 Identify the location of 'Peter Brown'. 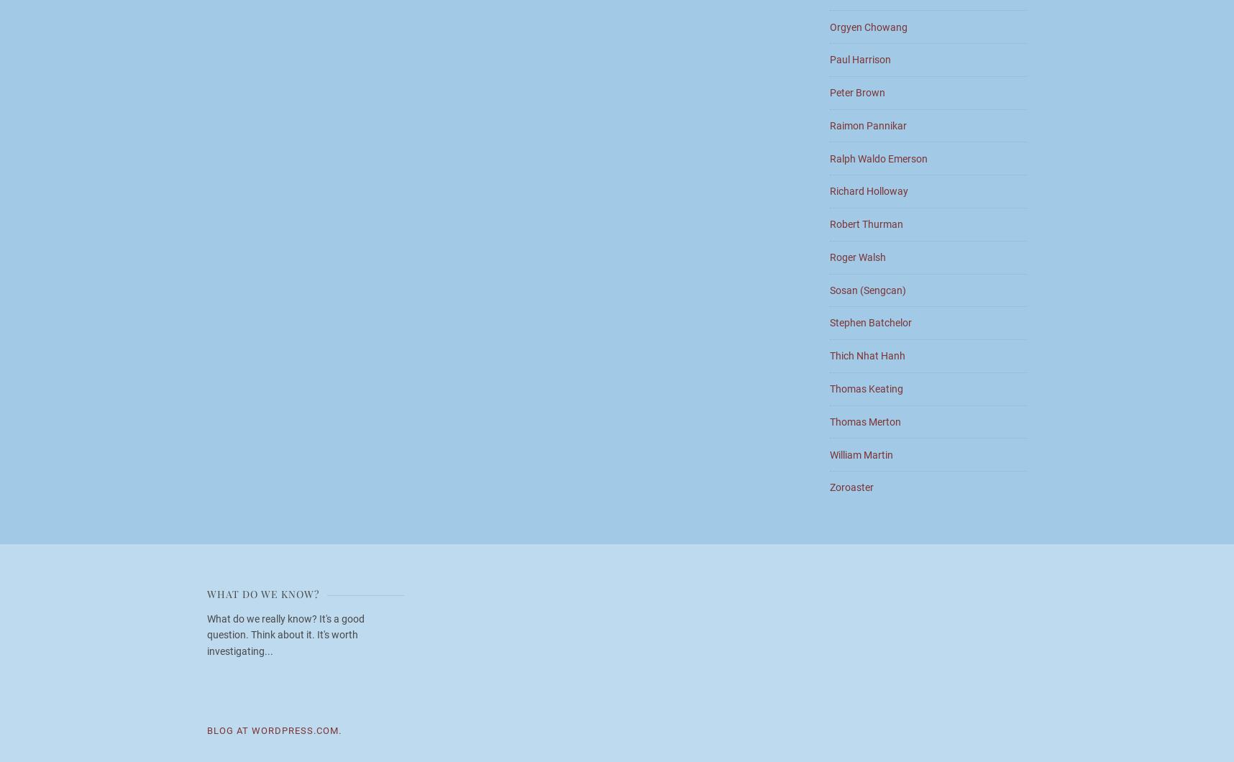
(857, 93).